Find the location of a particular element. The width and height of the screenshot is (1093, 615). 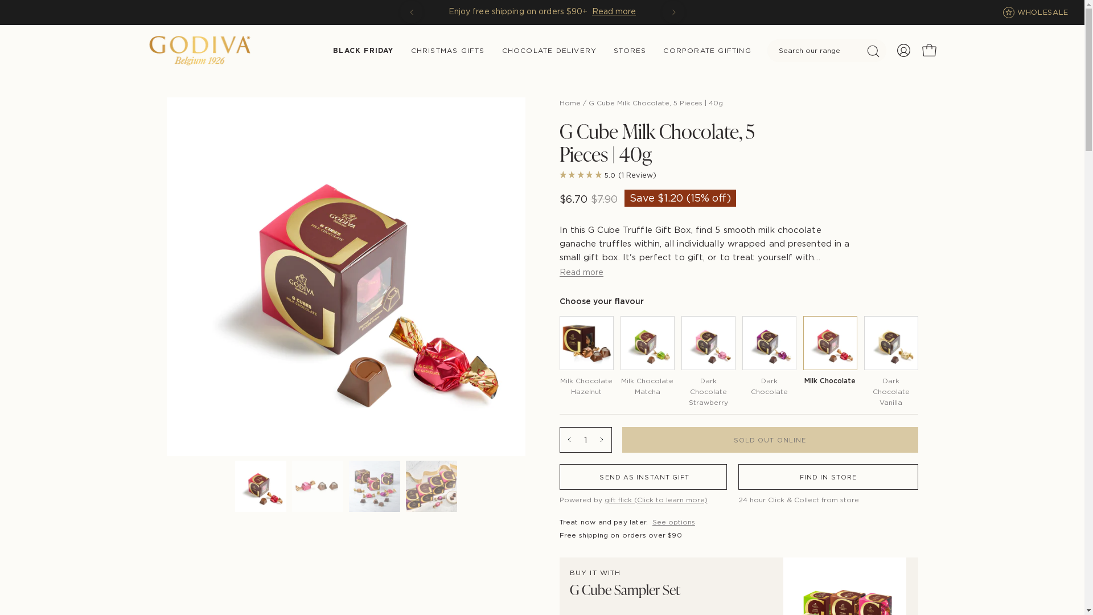

'Milk Chocolate' is located at coordinates (829, 352).